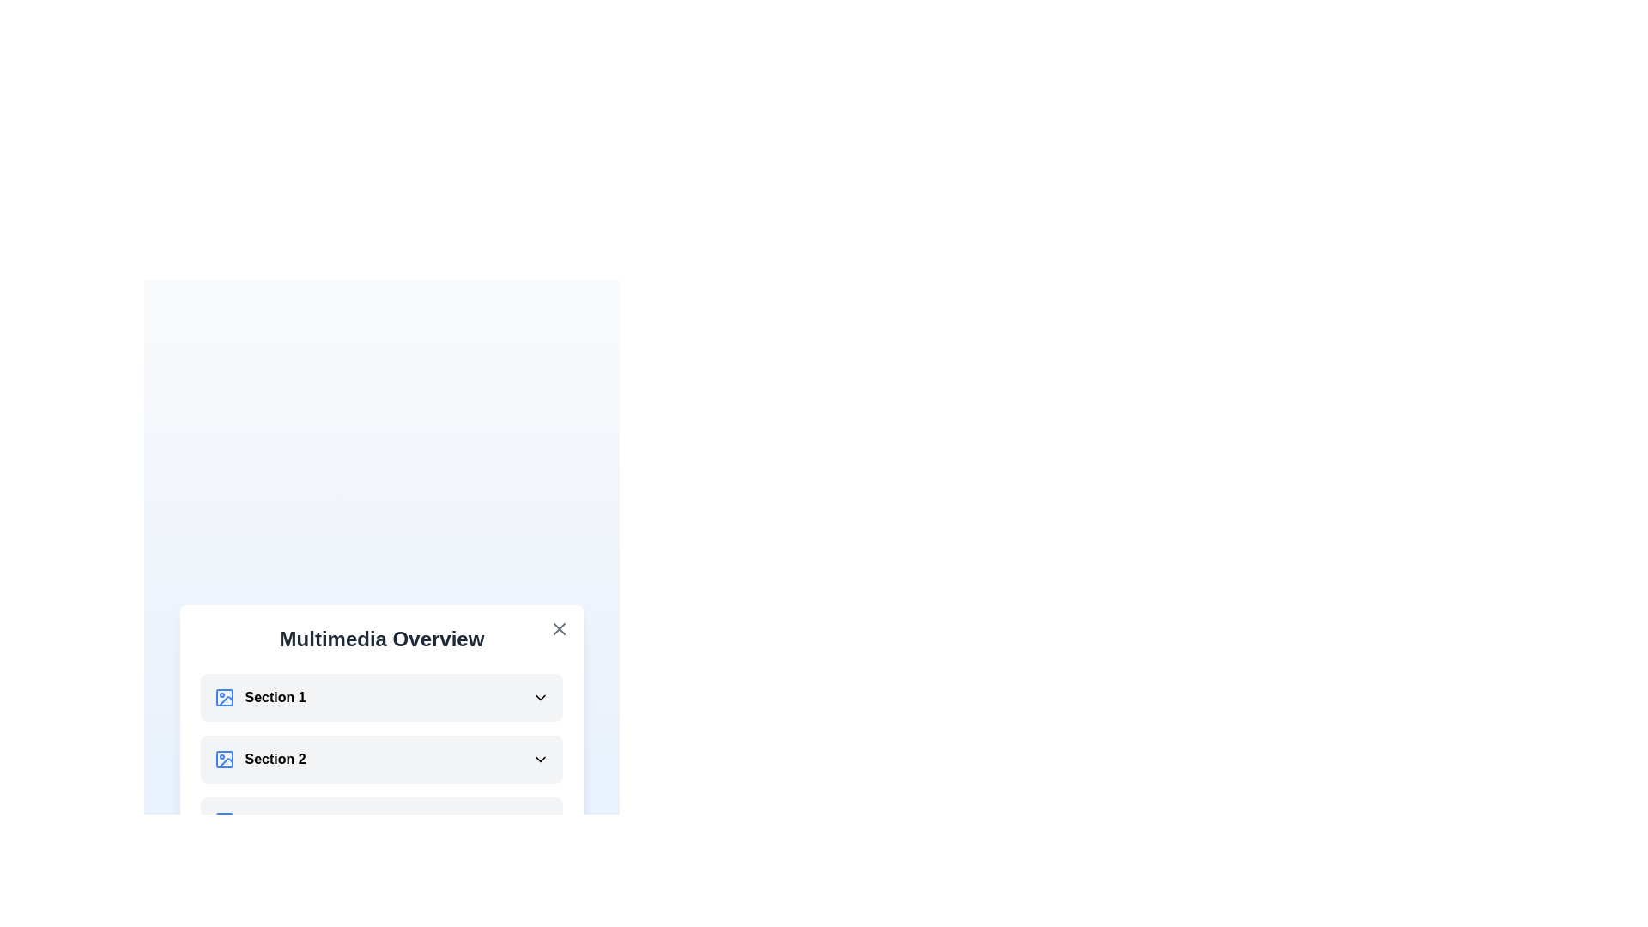 The image size is (1648, 927). Describe the element at coordinates (560, 628) in the screenshot. I see `the close button styled as a small 'X' icon located at the top-right corner of the 'Multimedia Overview' modal` at that location.